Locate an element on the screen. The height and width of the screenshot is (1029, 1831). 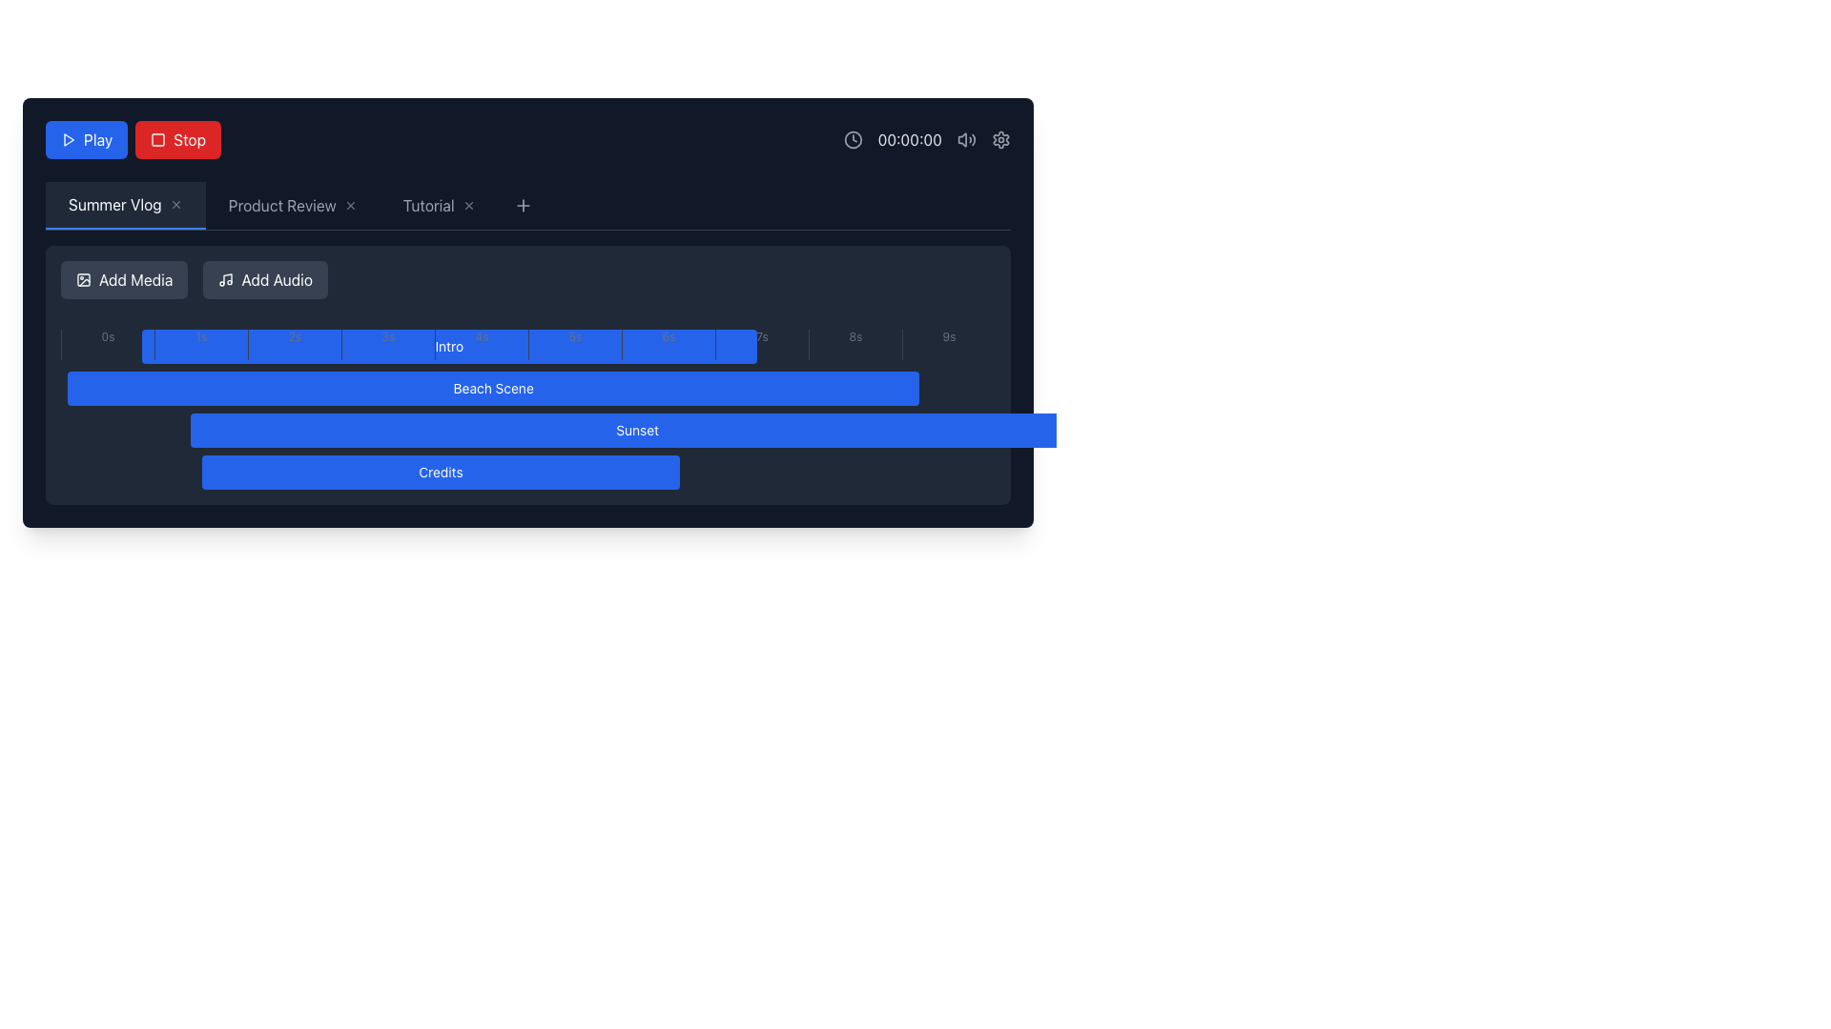
the 'Credits' button, which is a rectangular button with a blue background and white text is located at coordinates (440, 472).